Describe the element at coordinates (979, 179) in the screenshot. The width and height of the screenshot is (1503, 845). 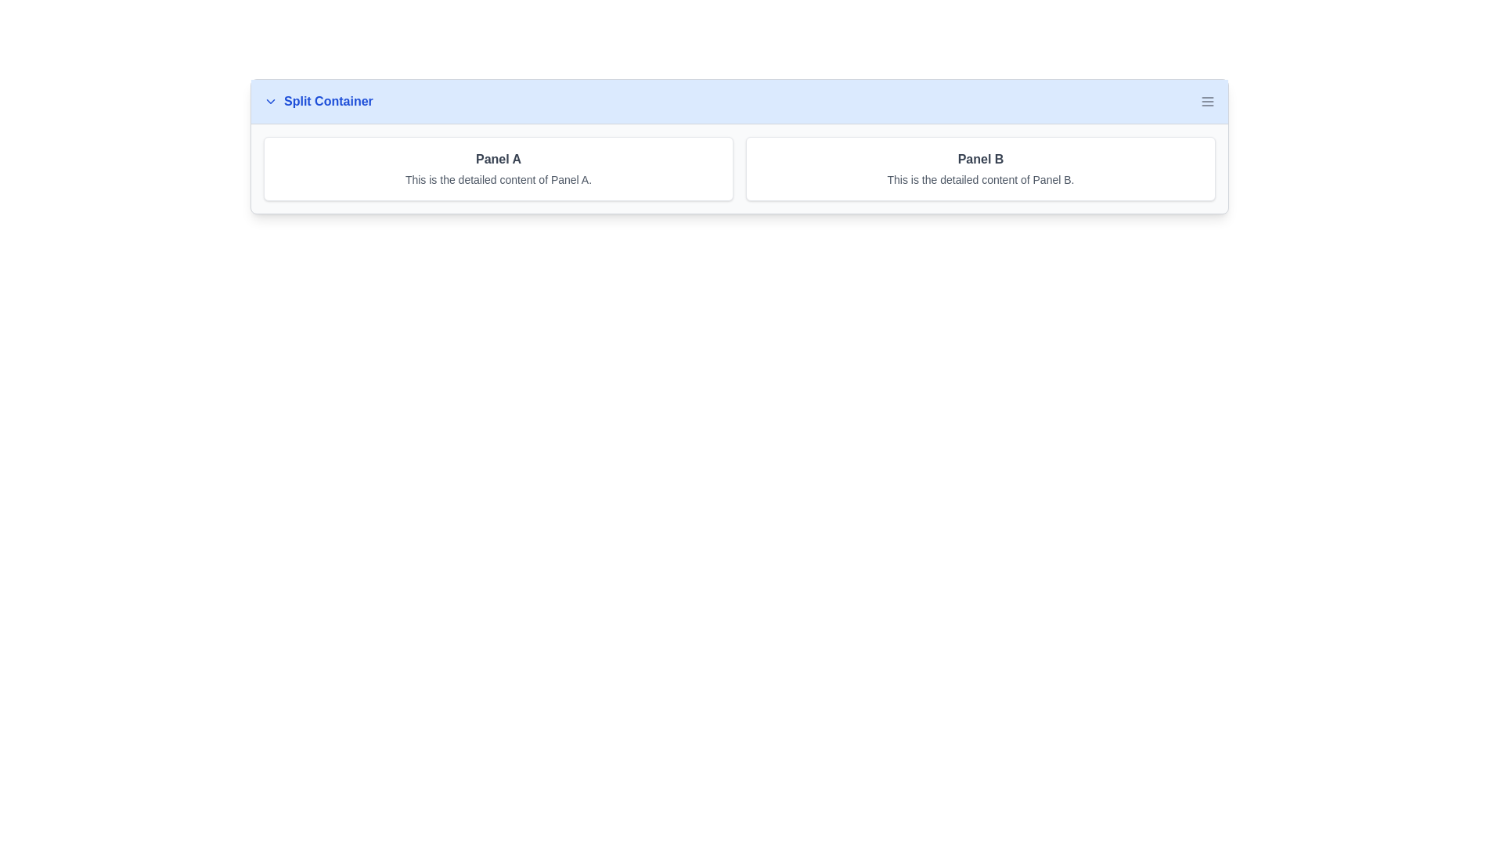
I see `the non-interactive text display element that shows detailed information related to 'Panel B', located in the lower portion of 'Panel B'` at that location.